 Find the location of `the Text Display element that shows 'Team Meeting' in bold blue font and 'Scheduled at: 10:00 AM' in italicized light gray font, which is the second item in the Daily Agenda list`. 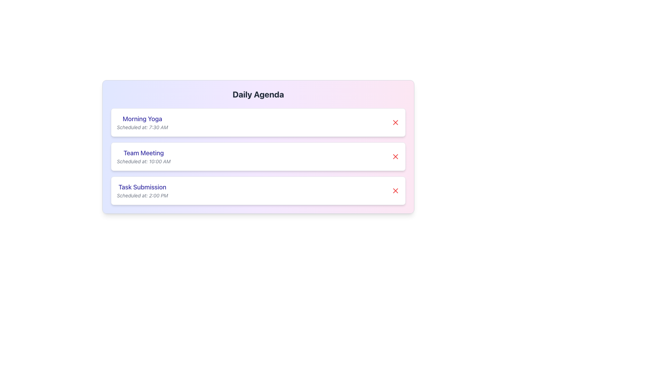

the Text Display element that shows 'Team Meeting' in bold blue font and 'Scheduled at: 10:00 AM' in italicized light gray font, which is the second item in the Daily Agenda list is located at coordinates (143, 157).